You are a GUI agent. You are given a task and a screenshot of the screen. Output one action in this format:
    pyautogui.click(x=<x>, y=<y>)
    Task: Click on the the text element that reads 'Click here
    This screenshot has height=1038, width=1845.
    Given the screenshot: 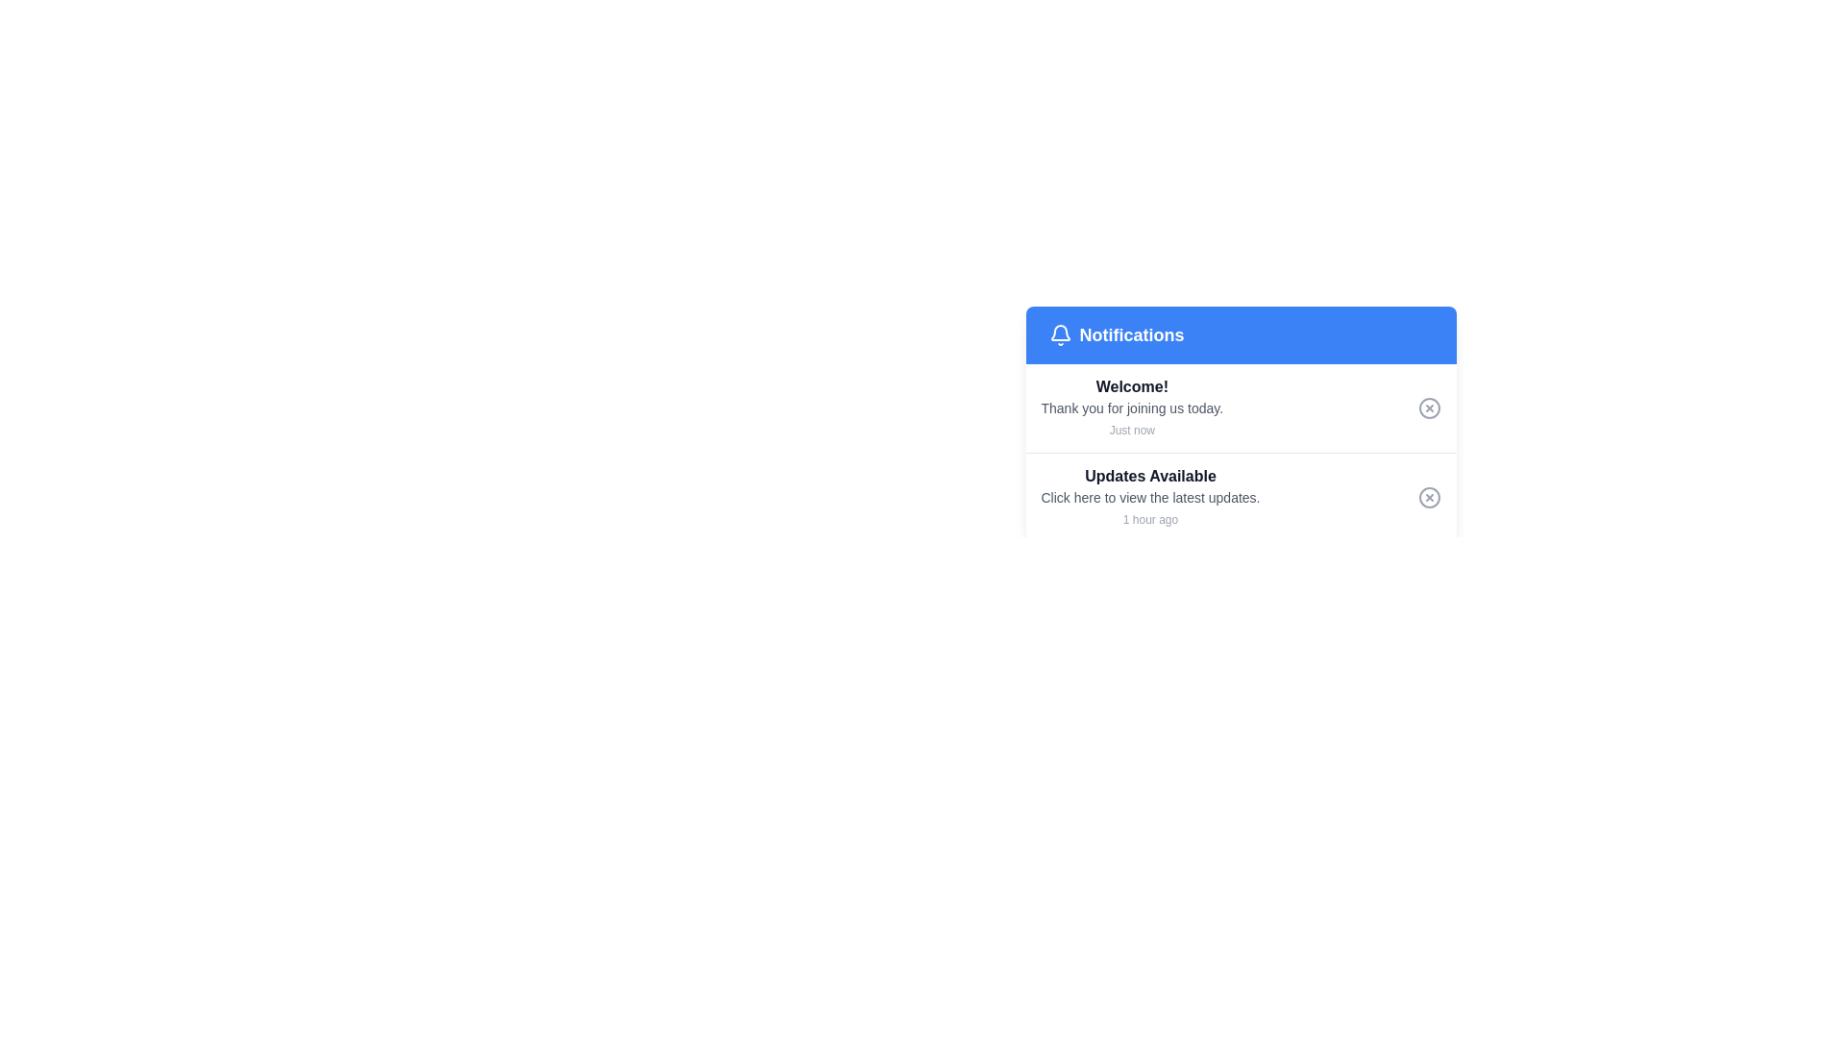 What is the action you would take?
    pyautogui.click(x=1150, y=496)
    